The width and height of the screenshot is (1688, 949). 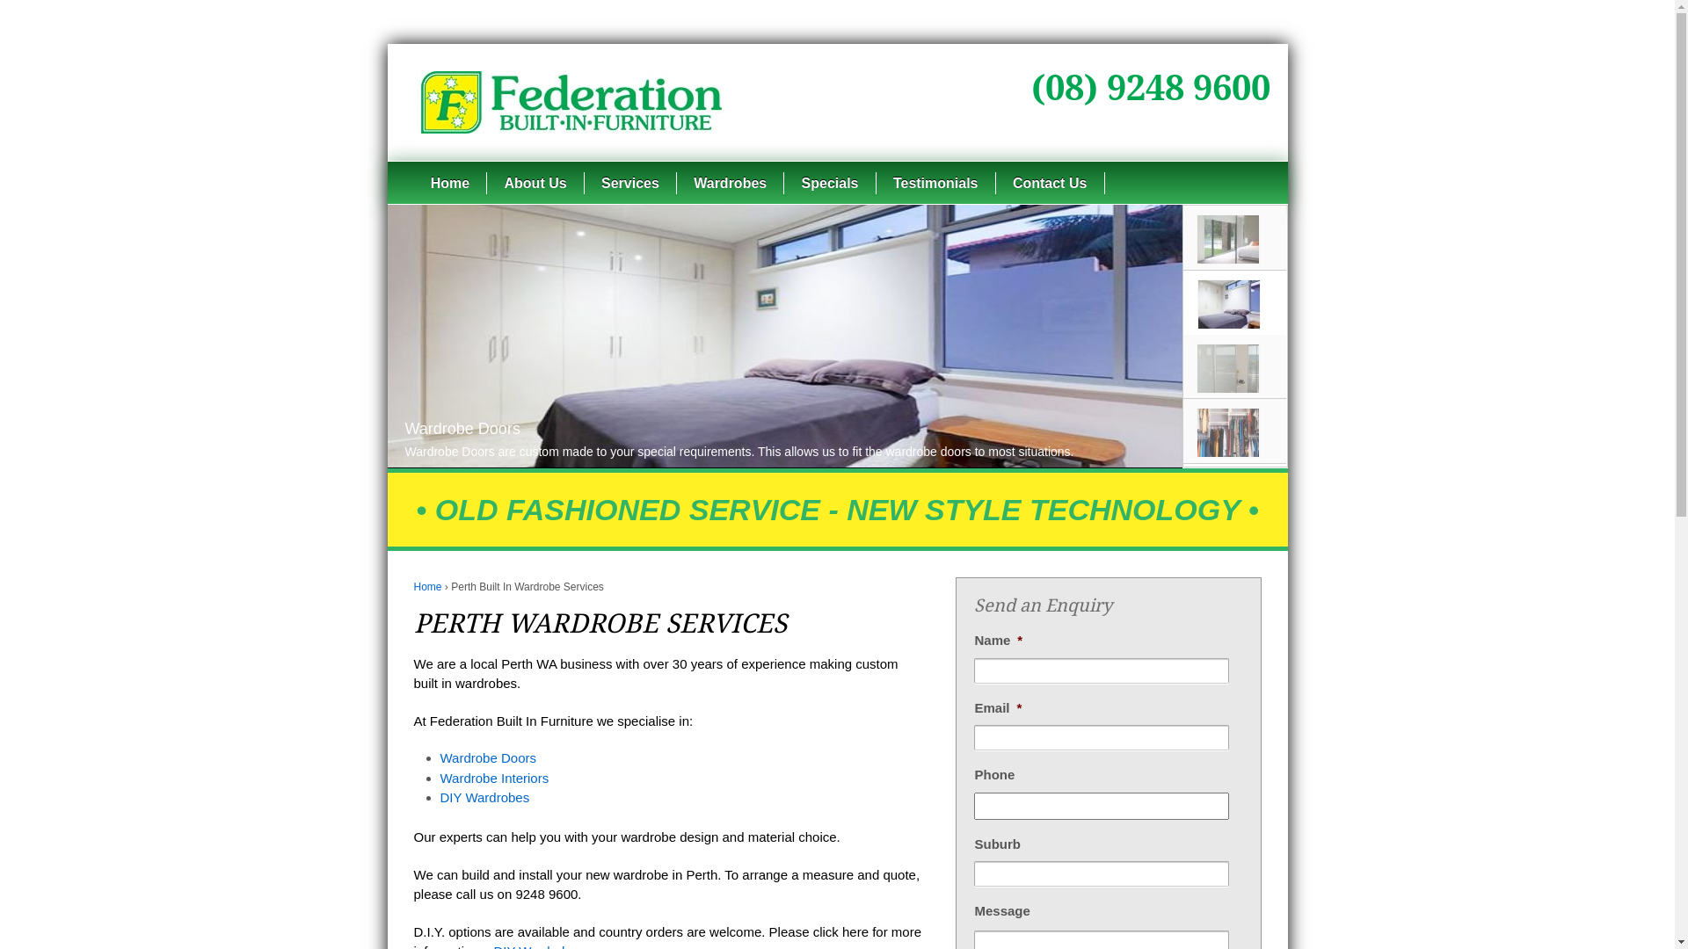 What do you see at coordinates (828, 183) in the screenshot?
I see `'Specials'` at bounding box center [828, 183].